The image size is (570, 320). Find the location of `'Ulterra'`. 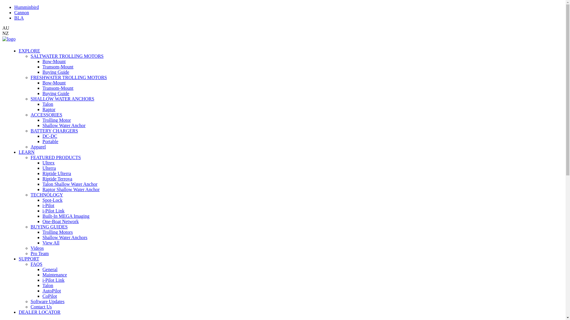

'Ulterra' is located at coordinates (49, 168).